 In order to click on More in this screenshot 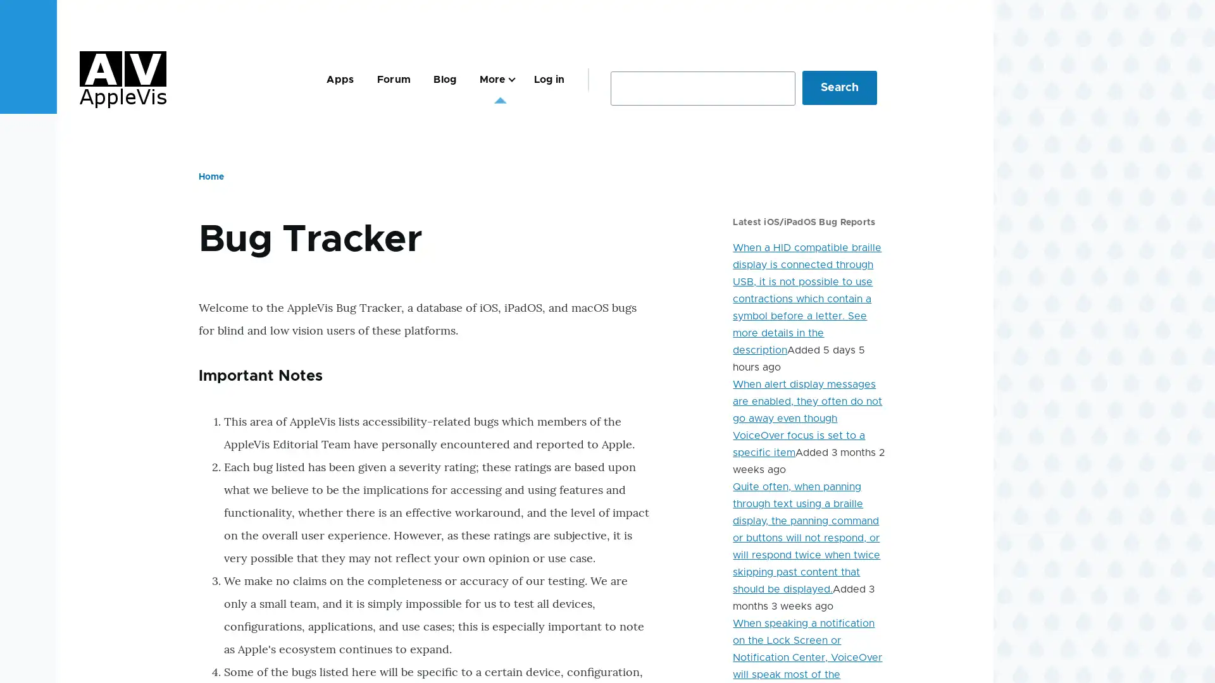, I will do `click(494, 79)`.